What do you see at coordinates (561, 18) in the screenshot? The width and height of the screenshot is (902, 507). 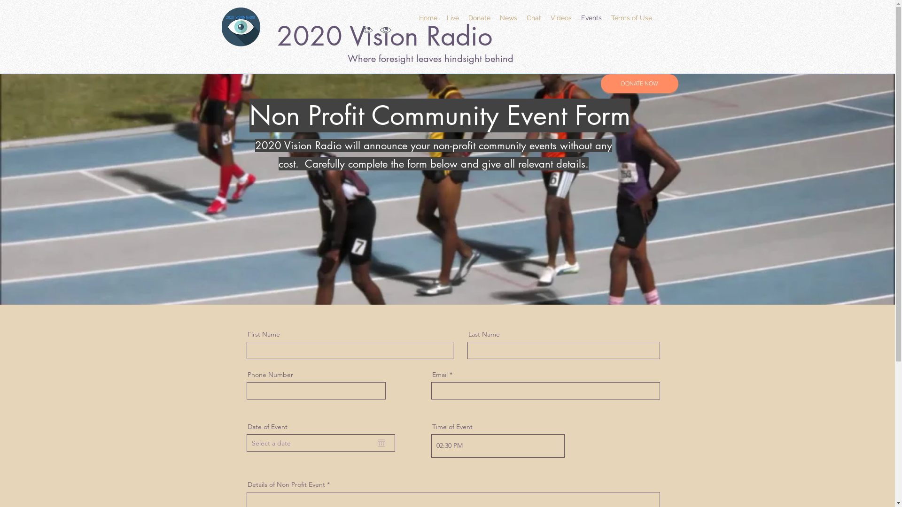 I see `'Videos'` at bounding box center [561, 18].